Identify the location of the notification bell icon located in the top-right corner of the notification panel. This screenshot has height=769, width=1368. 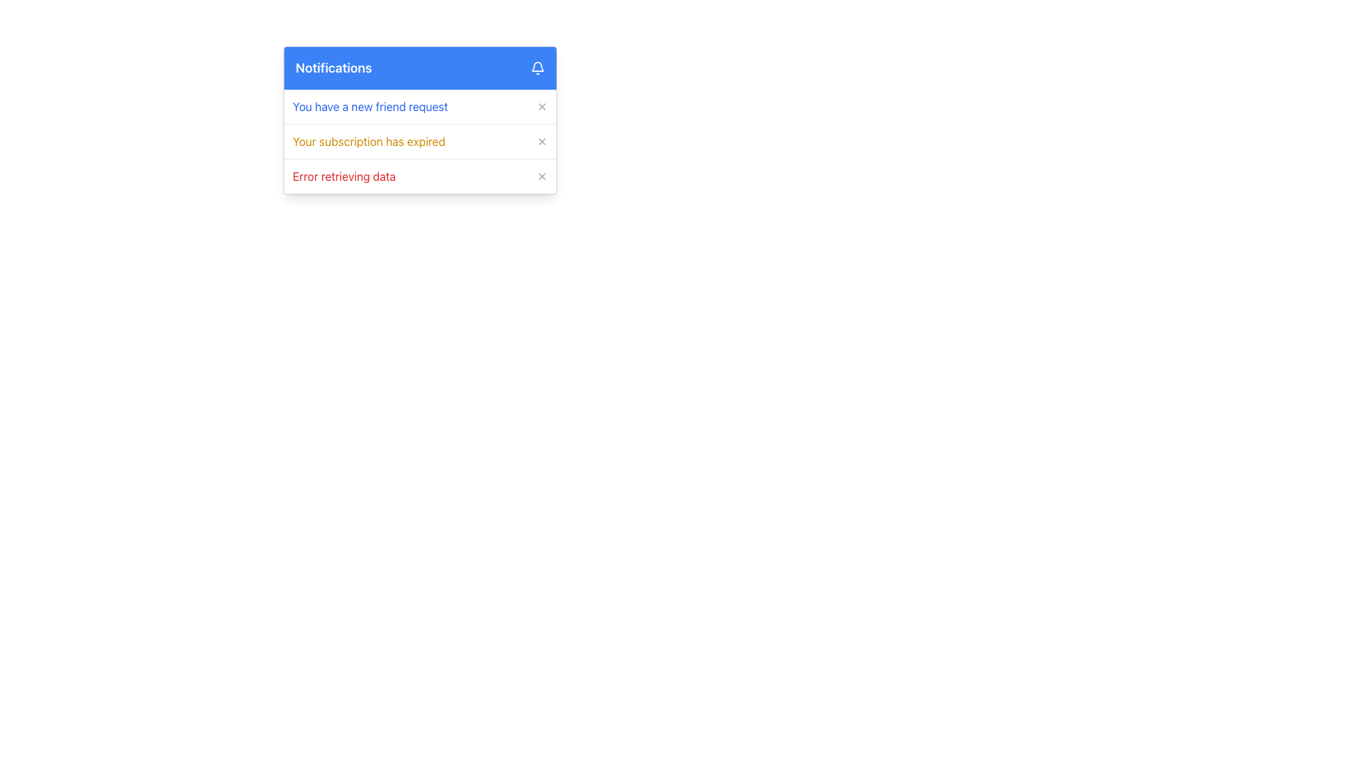
(537, 68).